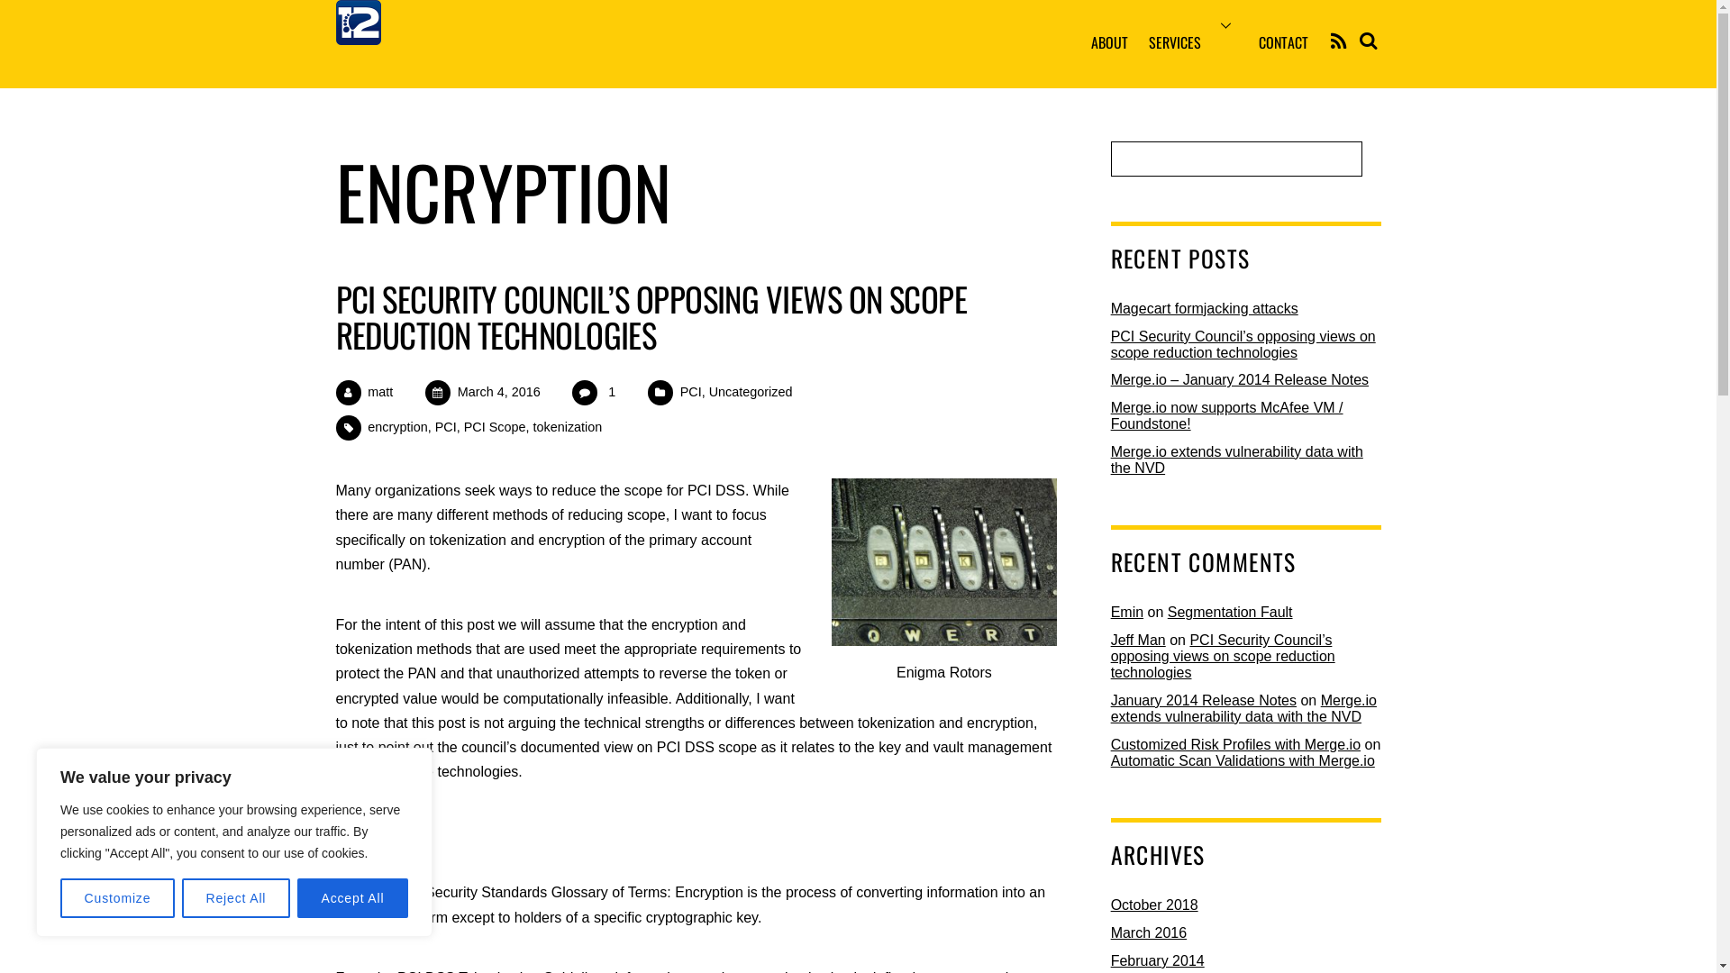  Describe the element at coordinates (1282, 43) in the screenshot. I see `'CONTACT'` at that location.